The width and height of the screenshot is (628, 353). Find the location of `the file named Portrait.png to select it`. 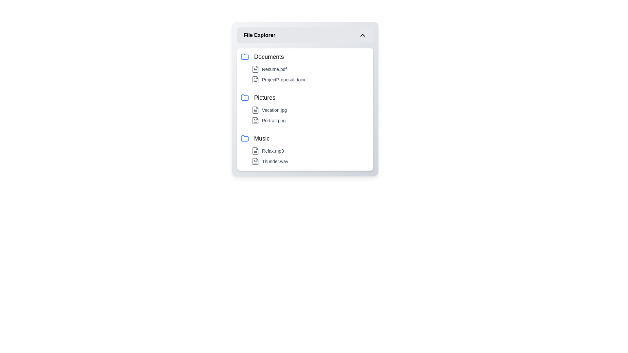

the file named Portrait.png to select it is located at coordinates (310, 121).